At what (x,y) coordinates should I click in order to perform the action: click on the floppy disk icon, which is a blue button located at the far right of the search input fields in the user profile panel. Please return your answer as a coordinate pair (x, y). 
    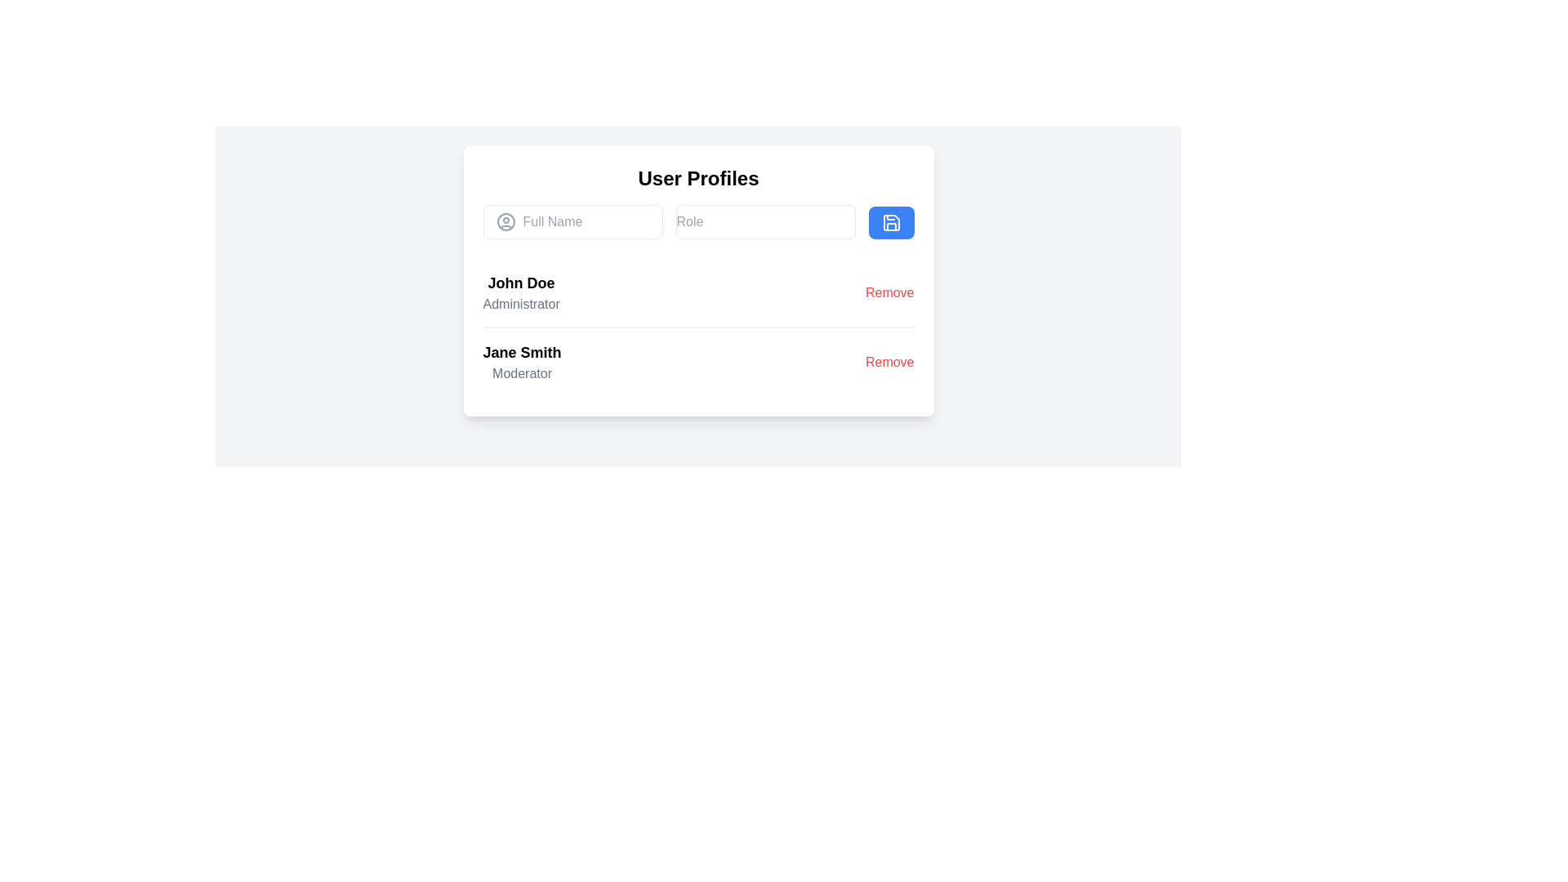
    Looking at the image, I should click on (890, 223).